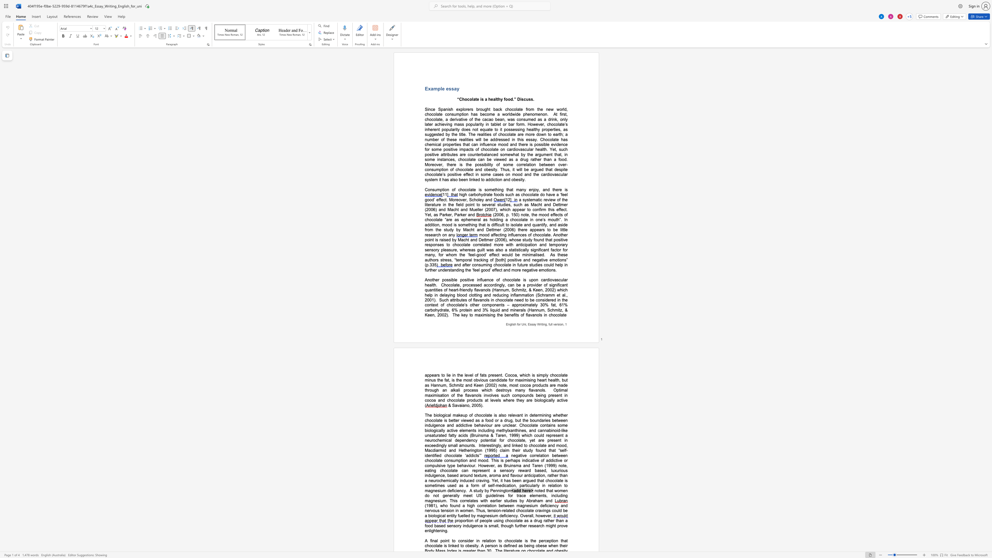 This screenshot has height=558, width=992. Describe the element at coordinates (503, 169) in the screenshot. I see `the space between the continuous character "T" and "h" in the text` at that location.